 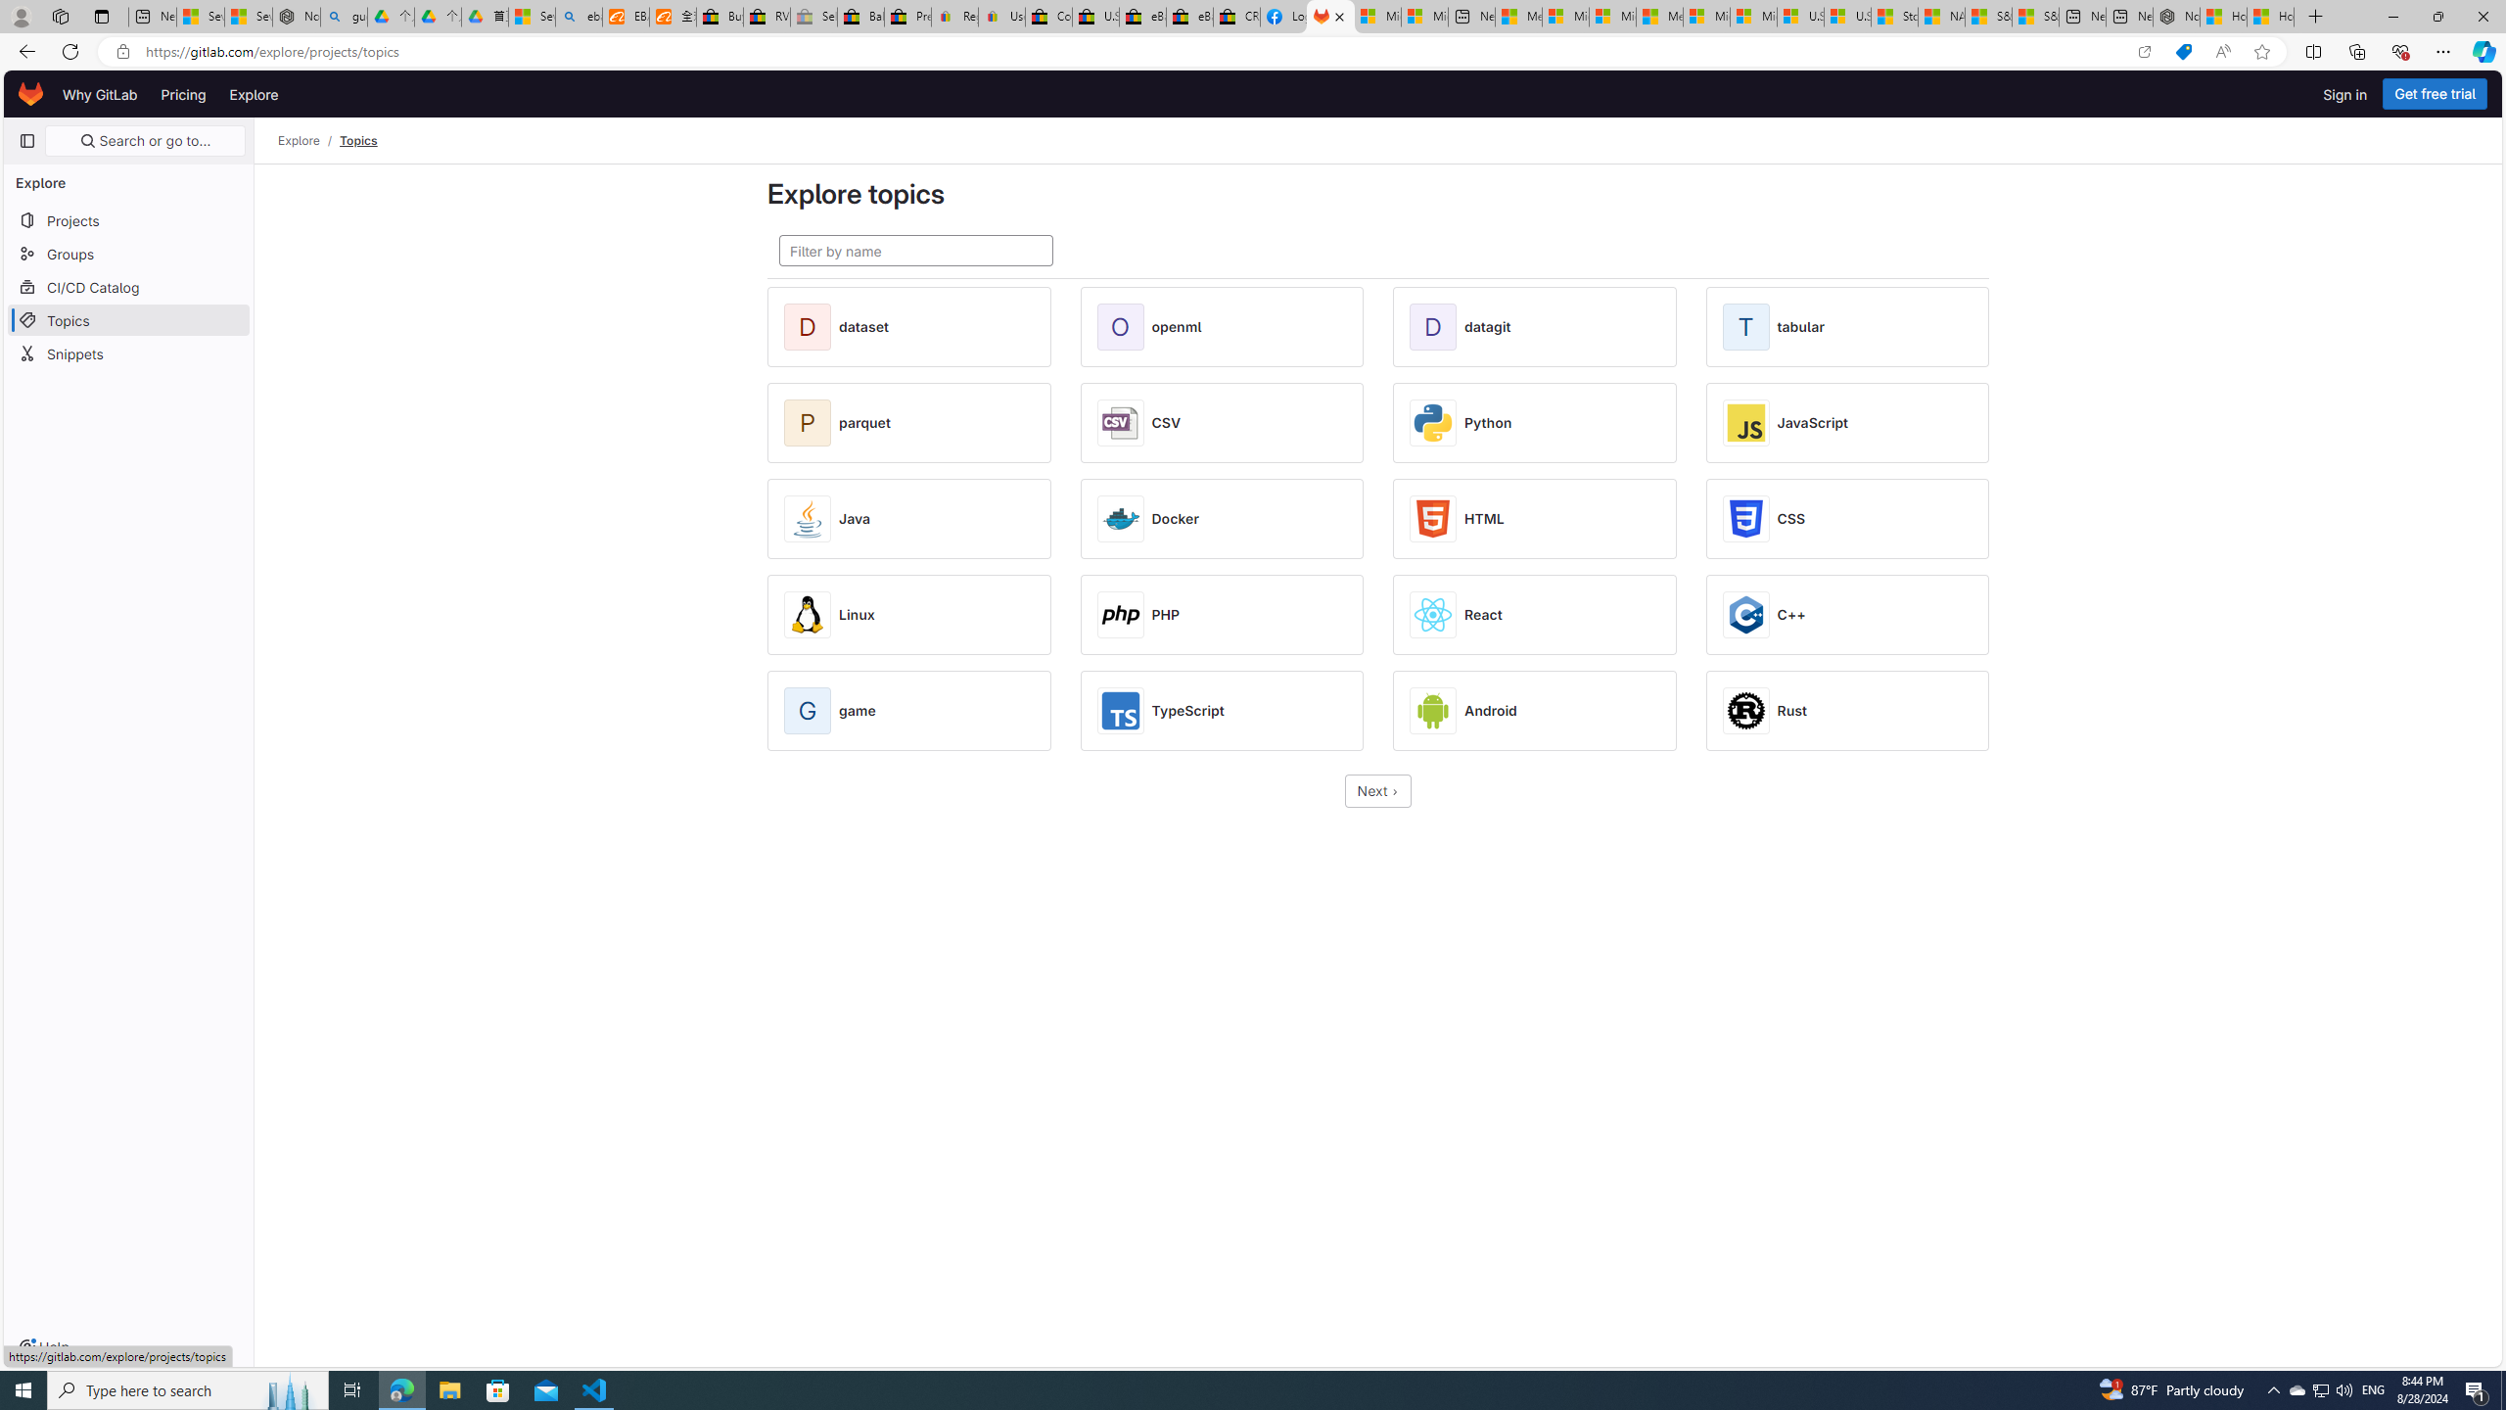 I want to click on 'Groups', so click(x=127, y=253).